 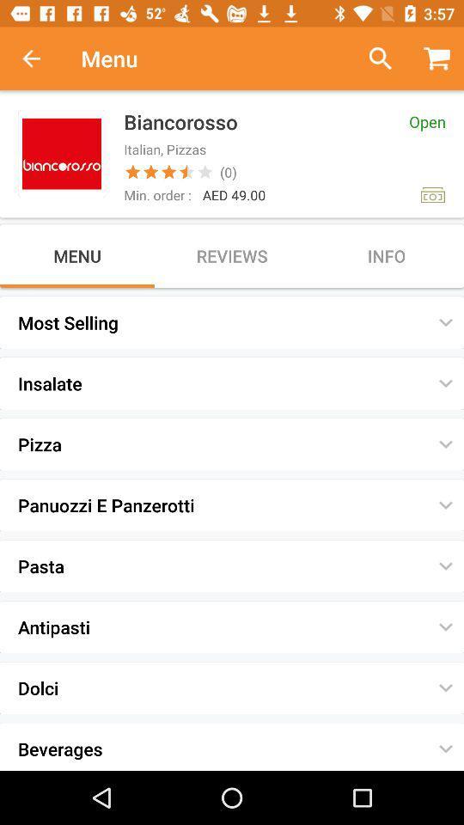 I want to click on return to the previous screen, so click(x=40, y=58).